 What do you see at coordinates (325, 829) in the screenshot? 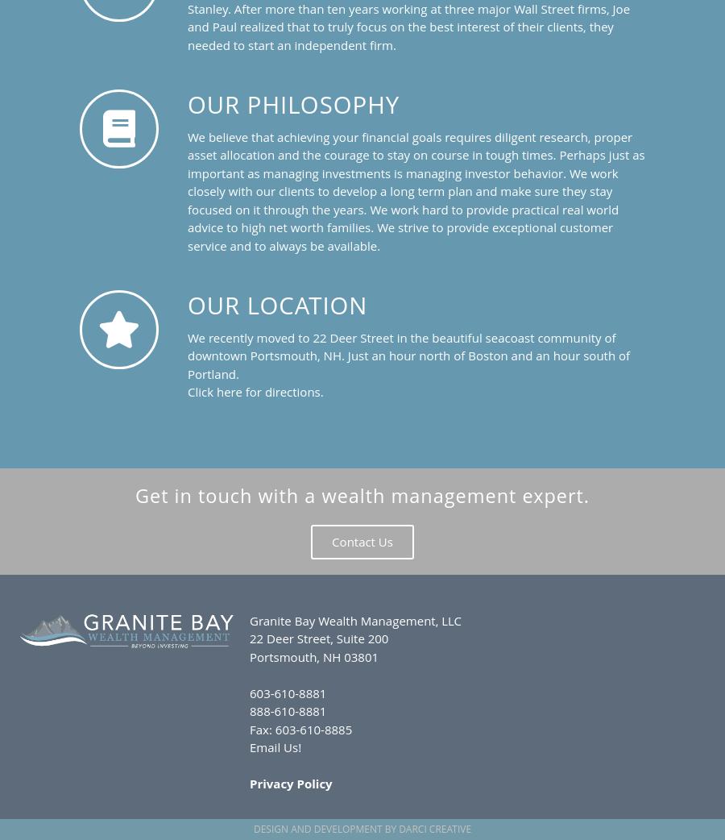
I see `'Design and Development by'` at bounding box center [325, 829].